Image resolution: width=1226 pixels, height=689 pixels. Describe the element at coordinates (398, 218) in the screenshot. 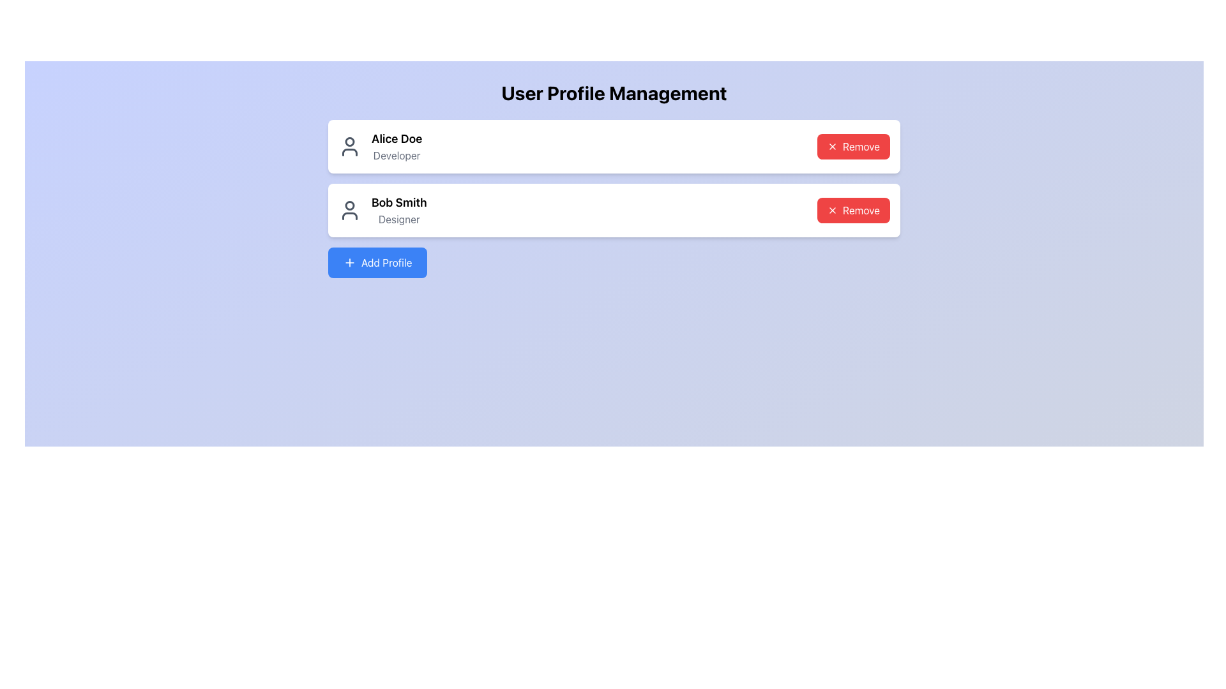

I see `the static text element labeled 'Designer', which is styled in light gray and positioned under the bold text 'Bob Smith' on the user profile card` at that location.